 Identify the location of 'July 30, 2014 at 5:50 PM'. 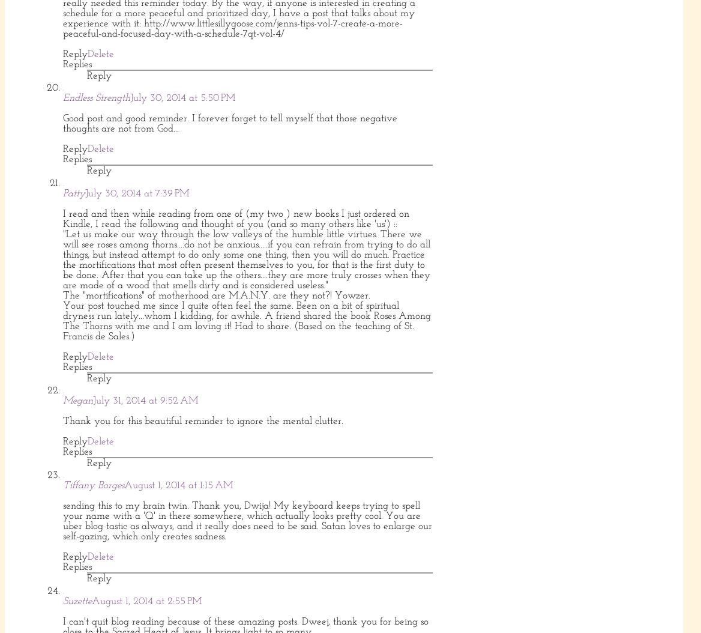
(182, 97).